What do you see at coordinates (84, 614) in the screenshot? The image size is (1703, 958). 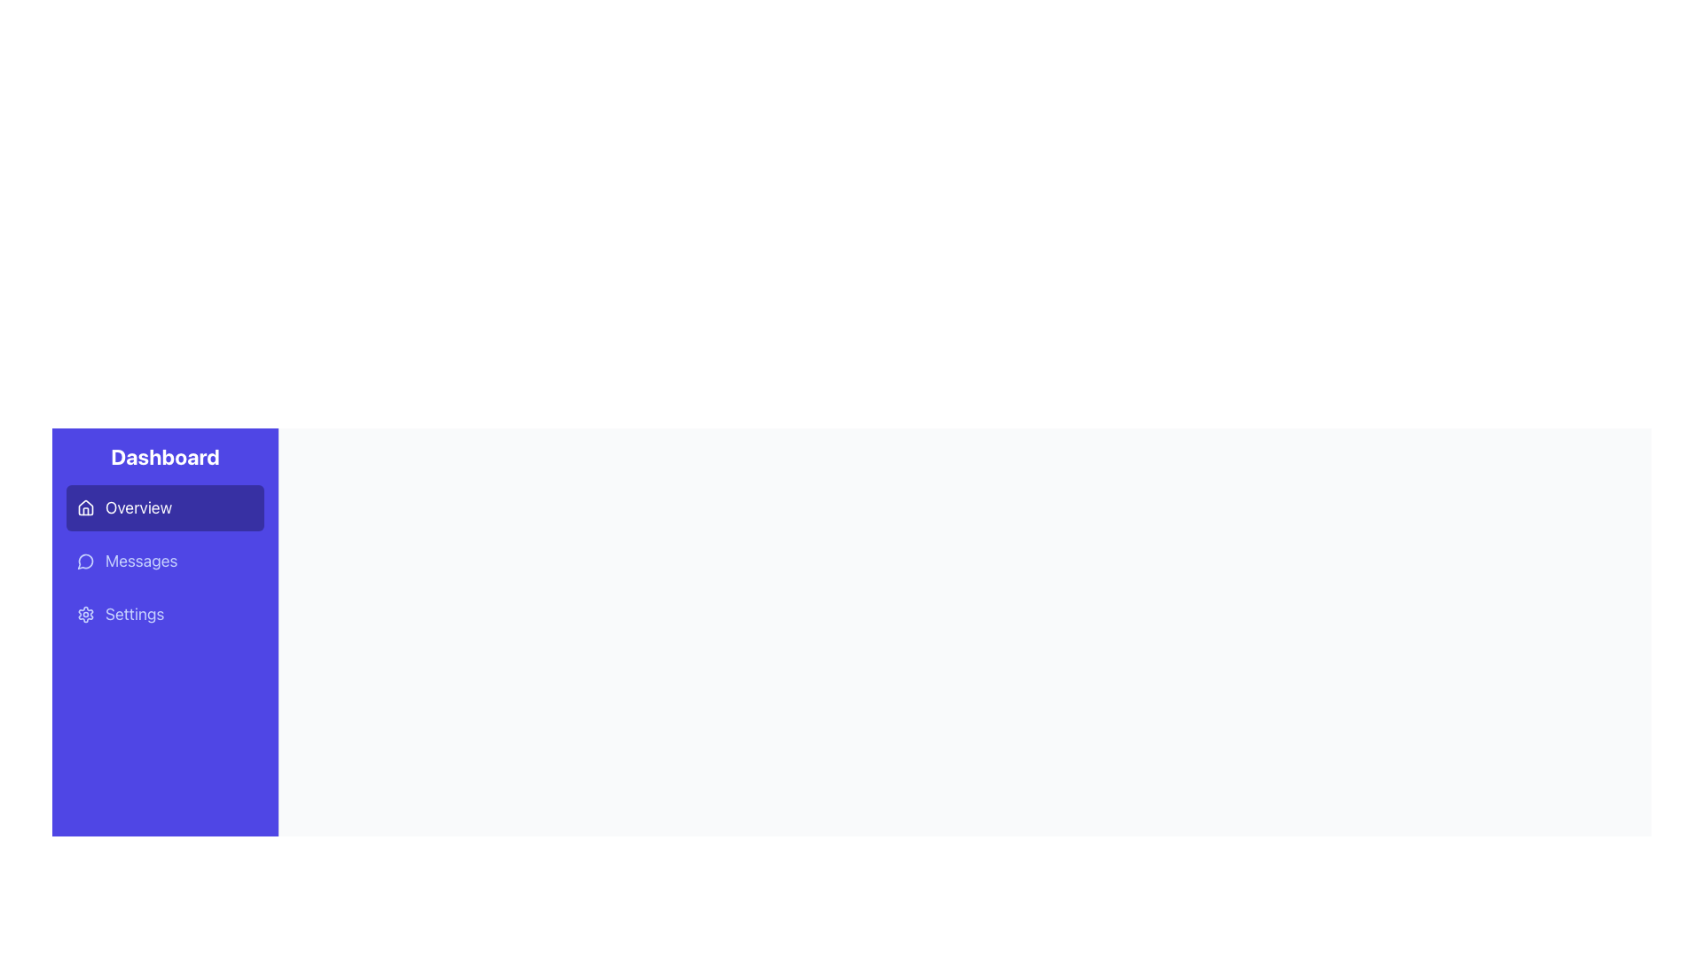 I see `the gear icon located in the sidebar to the left of the 'Settings' label` at bounding box center [84, 614].